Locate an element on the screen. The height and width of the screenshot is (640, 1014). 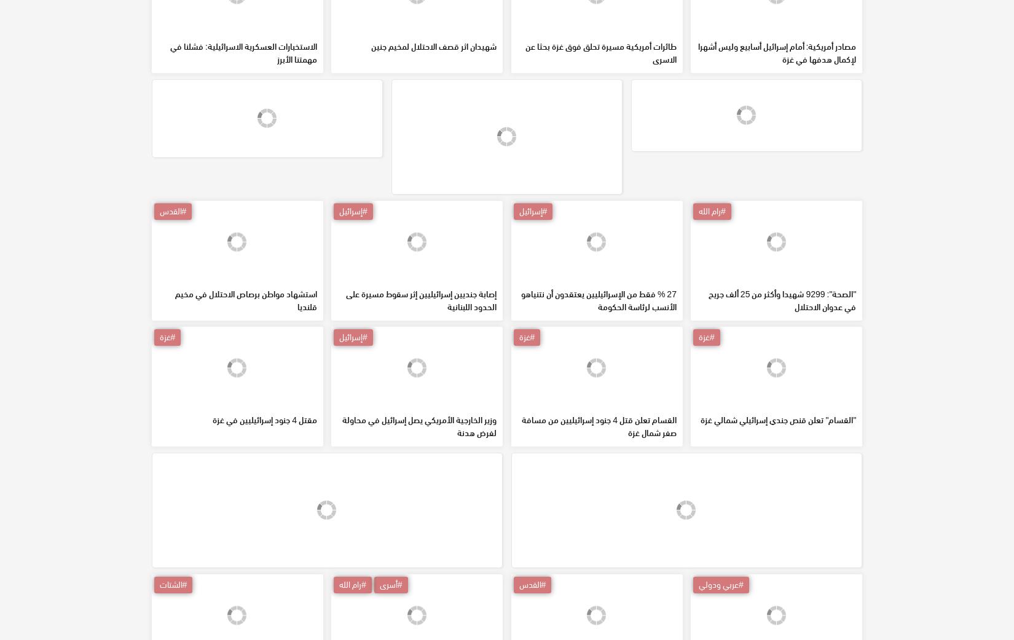
'"القسام" تعلن قنص جندي إسرائيلي شمالي غزة' is located at coordinates (777, 508).